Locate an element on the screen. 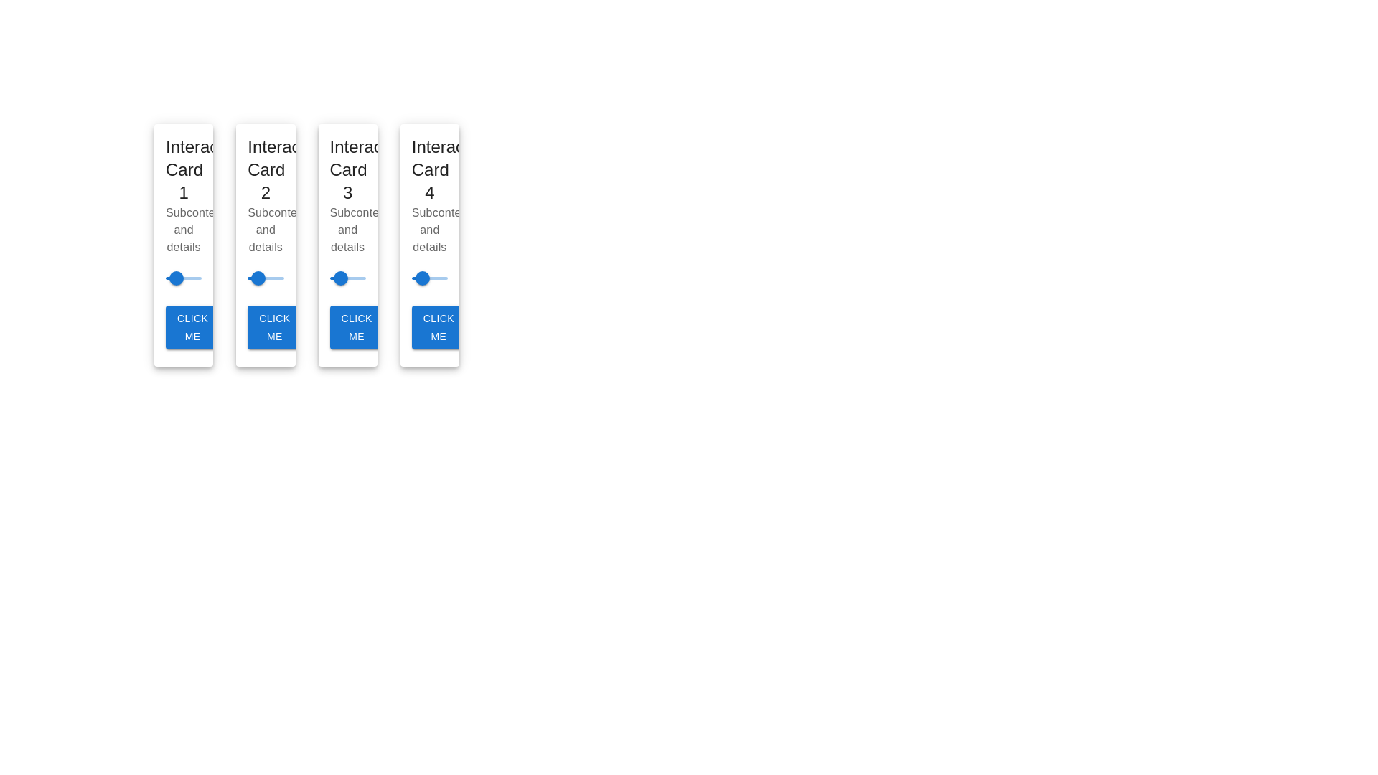  the slider is located at coordinates (194, 278).